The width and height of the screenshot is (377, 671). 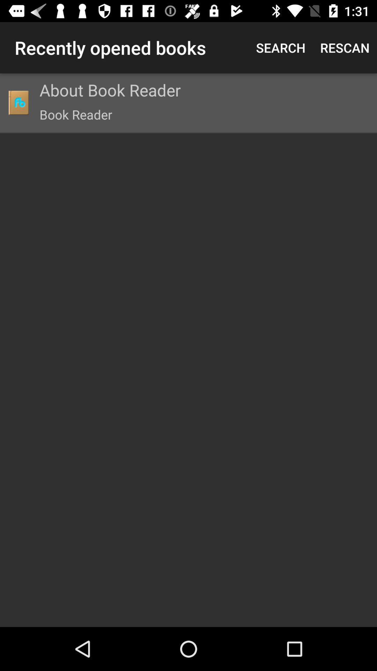 I want to click on the item next to search item, so click(x=345, y=47).